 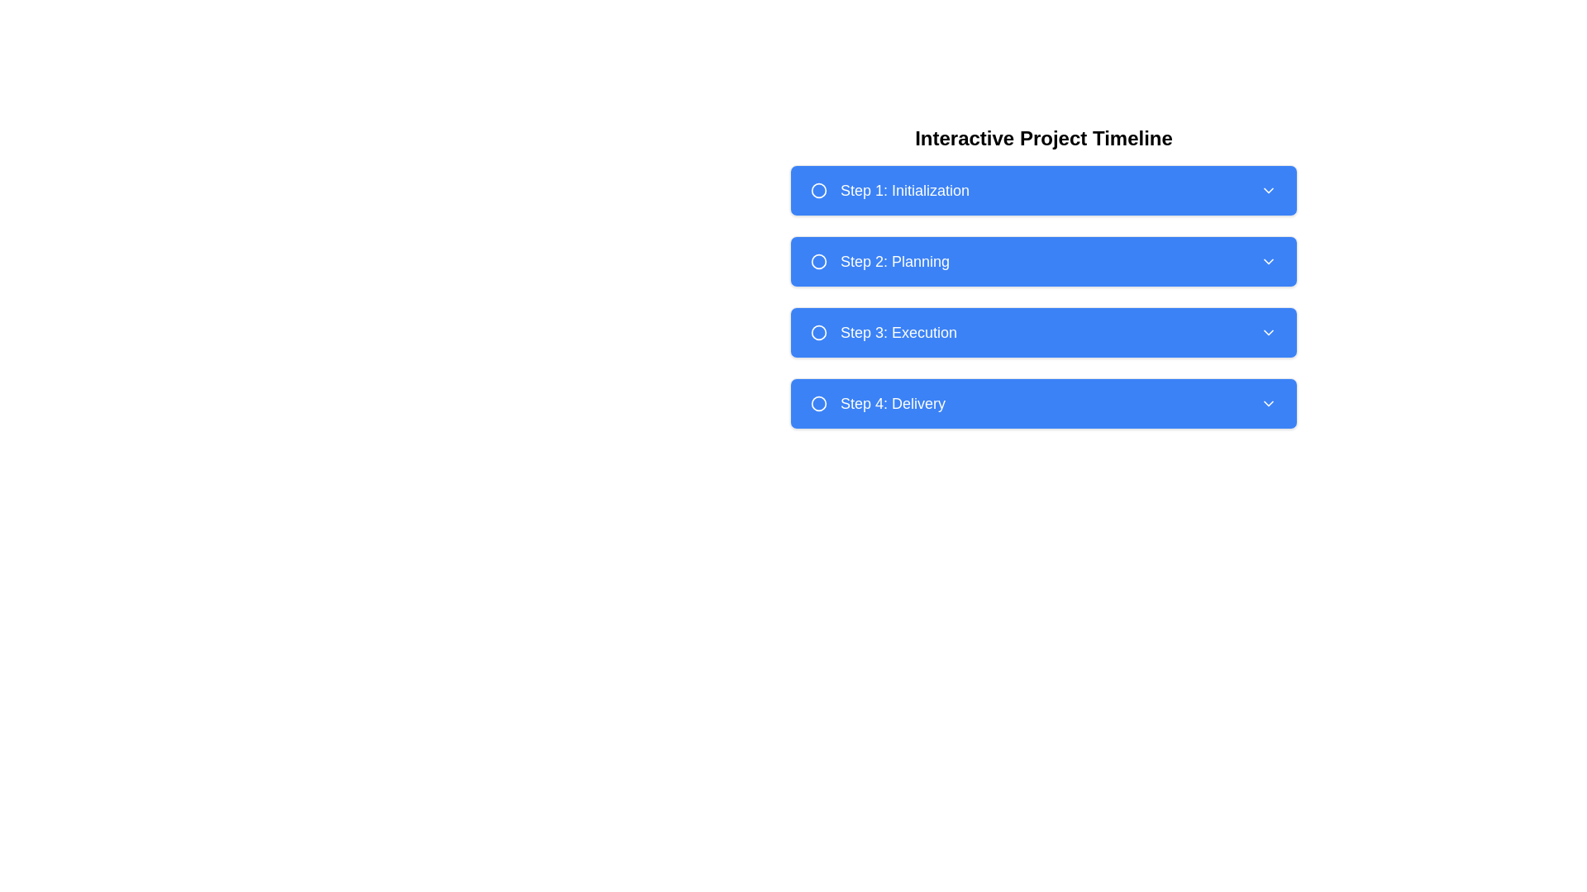 What do you see at coordinates (818, 260) in the screenshot?
I see `the circular visual element located` at bounding box center [818, 260].